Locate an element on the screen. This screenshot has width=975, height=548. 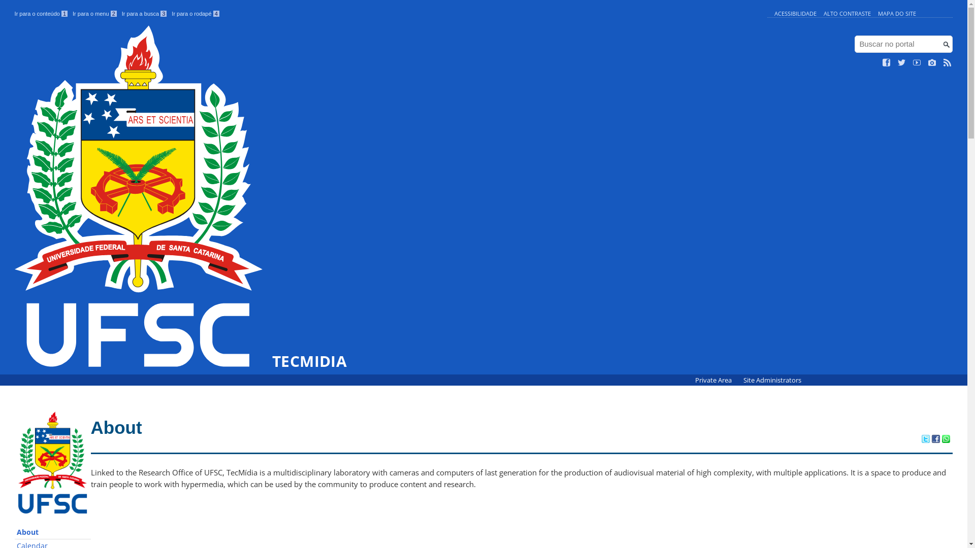
'Siga no Twitter' is located at coordinates (902, 62).